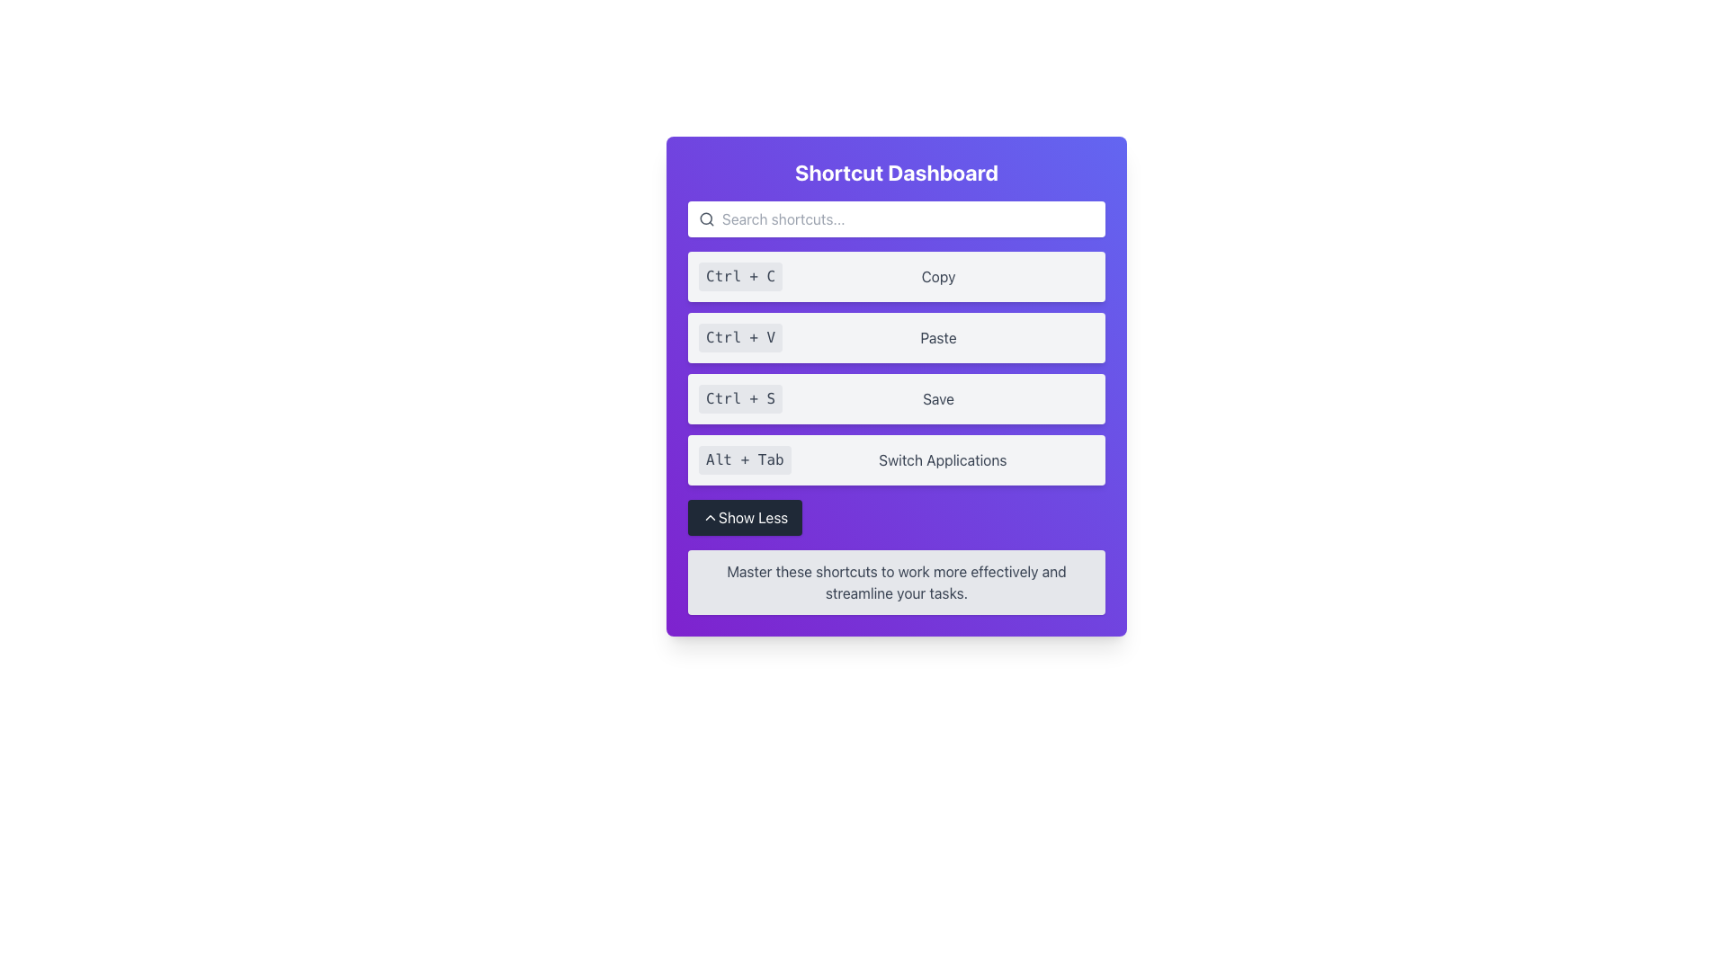 The height and width of the screenshot is (971, 1727). I want to click on the informational display that illustrates the 'Ctrl + V' shortcut for the 'Paste' action, located in the 'Shortcut Dashboard' below 'Ctrl + C Copy' and above 'Ctrl + S Save', so click(897, 337).